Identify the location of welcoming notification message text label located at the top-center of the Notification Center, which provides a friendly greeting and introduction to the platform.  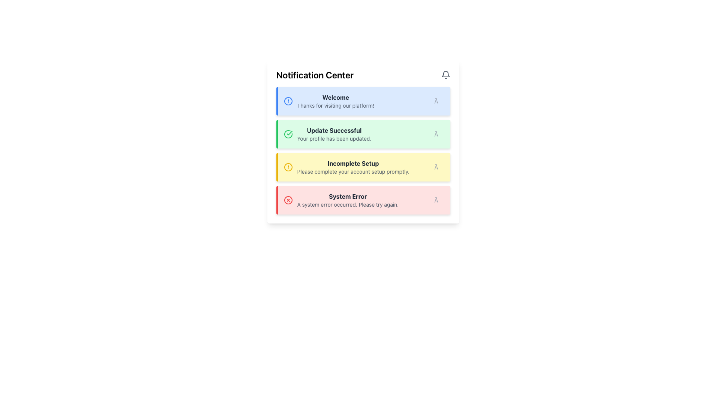
(335, 101).